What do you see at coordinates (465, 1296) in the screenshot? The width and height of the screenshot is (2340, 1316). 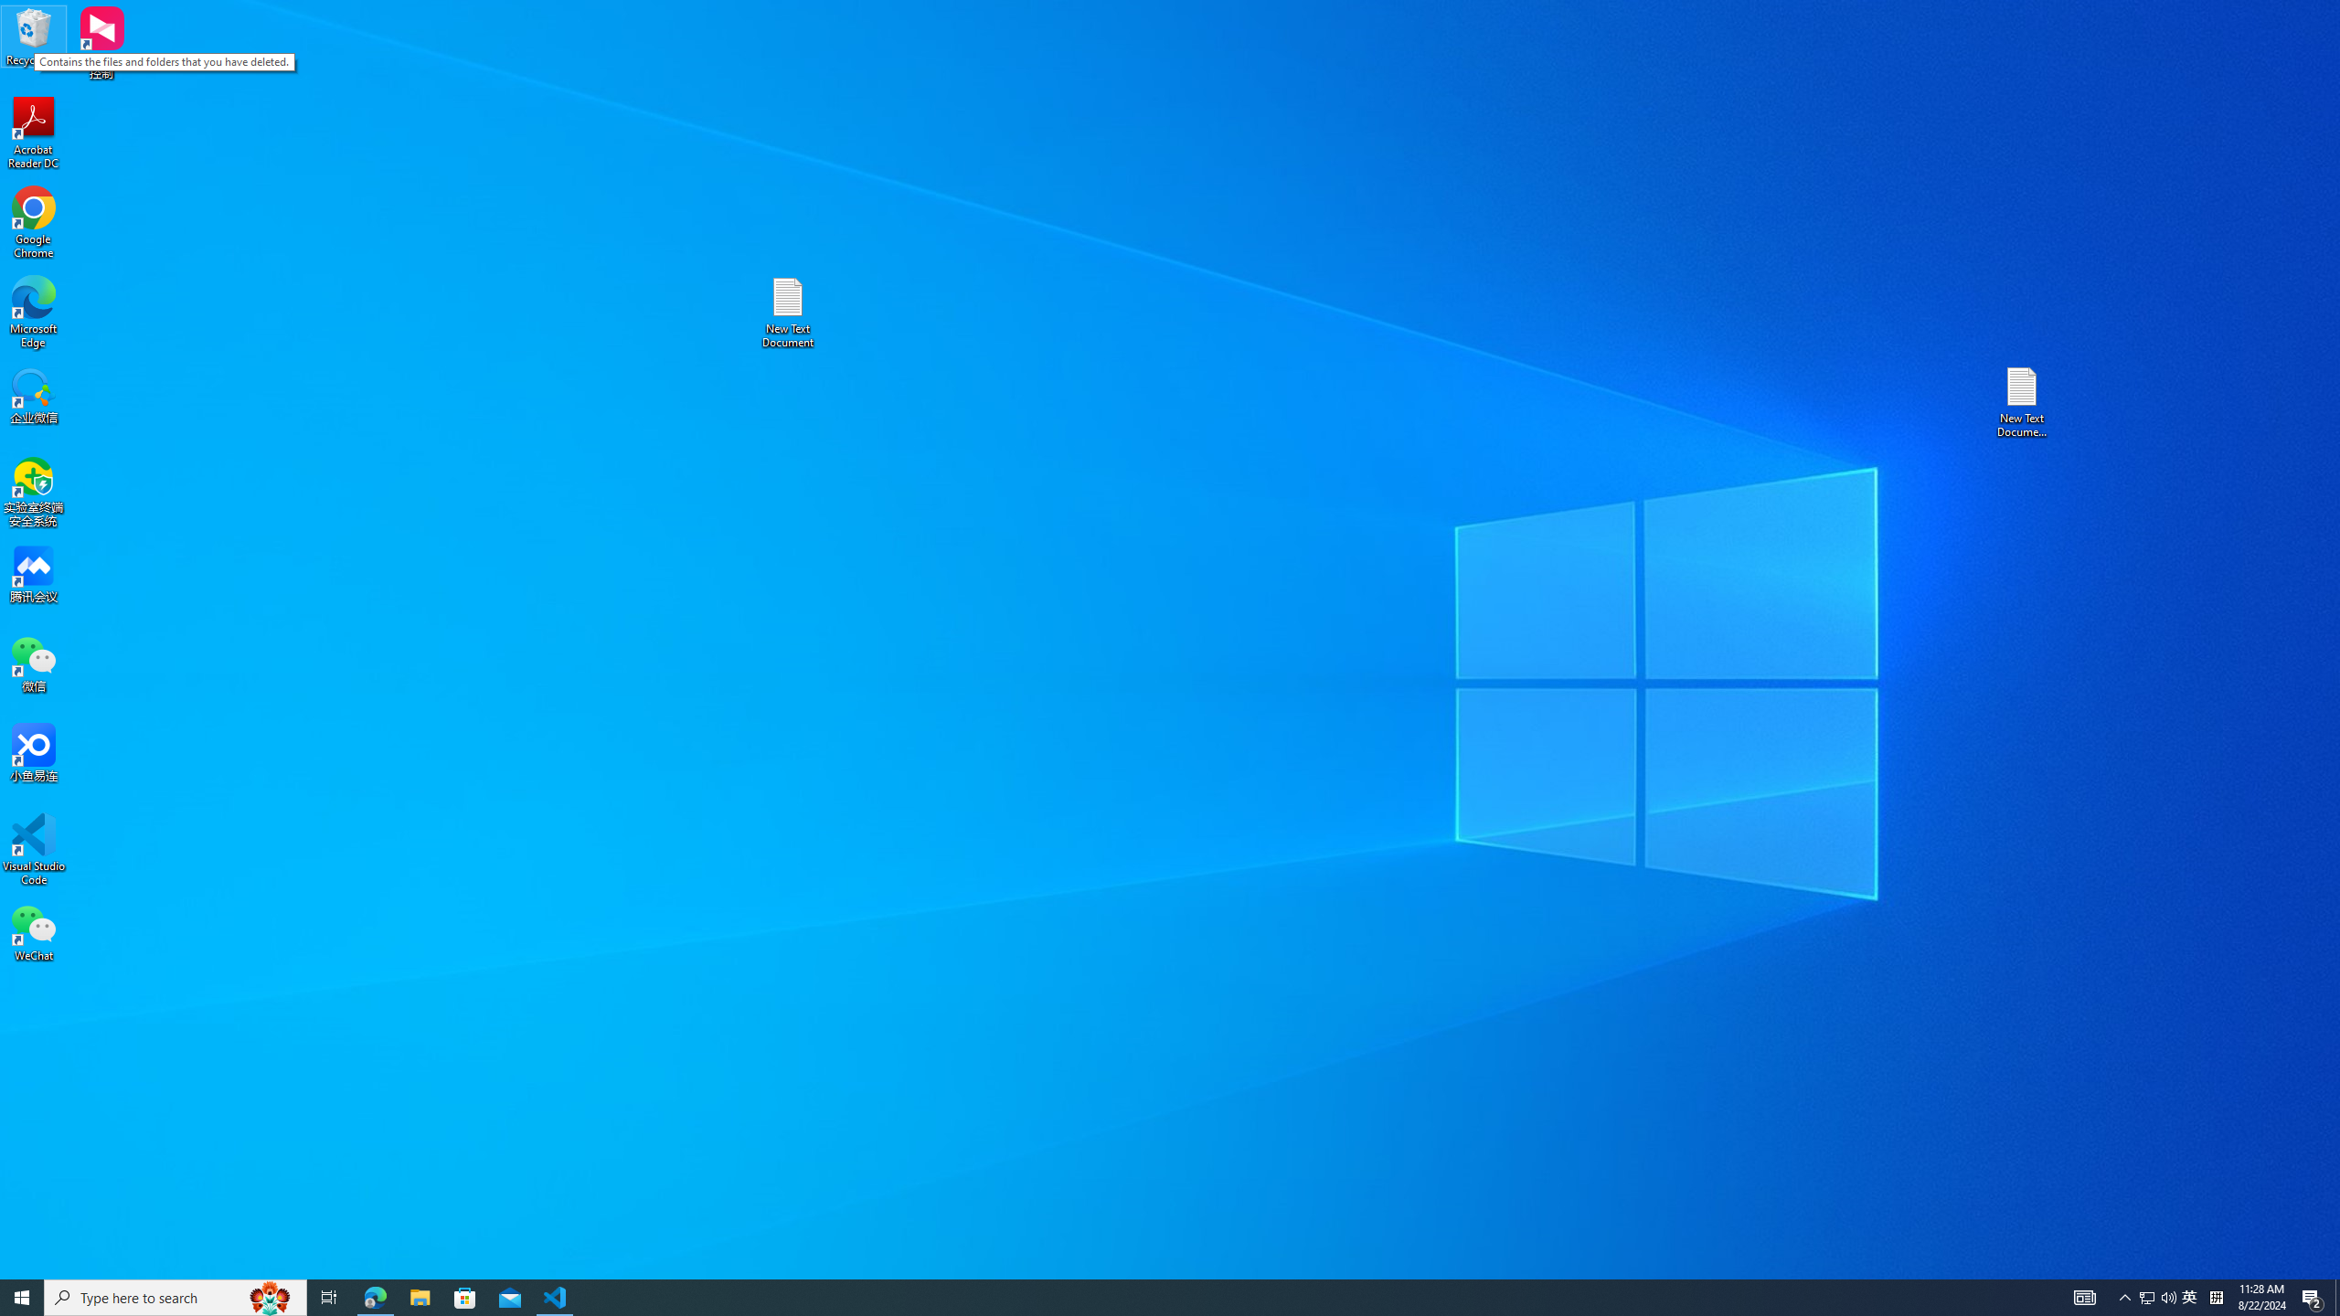 I see `'Microsoft Store'` at bounding box center [465, 1296].